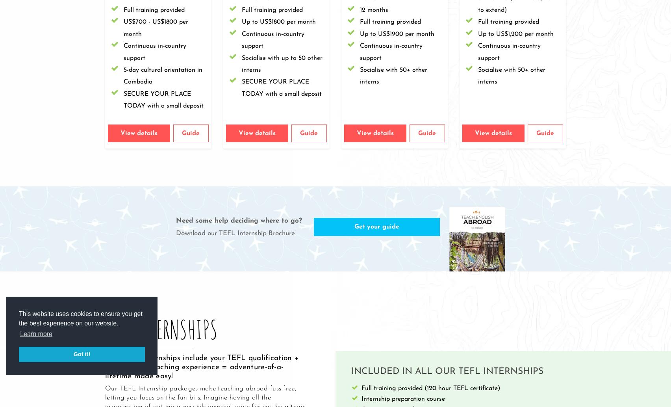  What do you see at coordinates (80, 318) in the screenshot?
I see `'This website uses cookies to ensure you get the best experience on our website.'` at bounding box center [80, 318].